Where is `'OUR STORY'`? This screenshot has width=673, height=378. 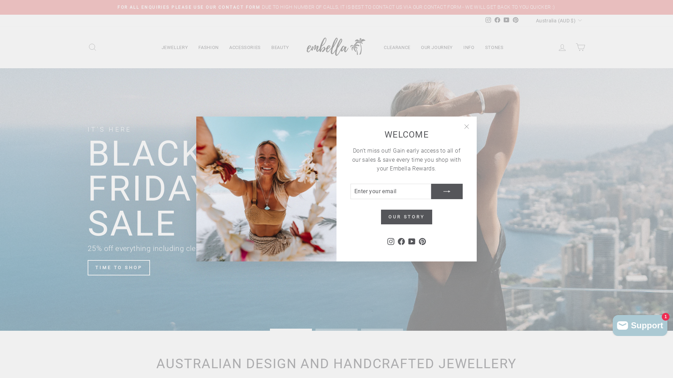
'OUR STORY' is located at coordinates (380, 217).